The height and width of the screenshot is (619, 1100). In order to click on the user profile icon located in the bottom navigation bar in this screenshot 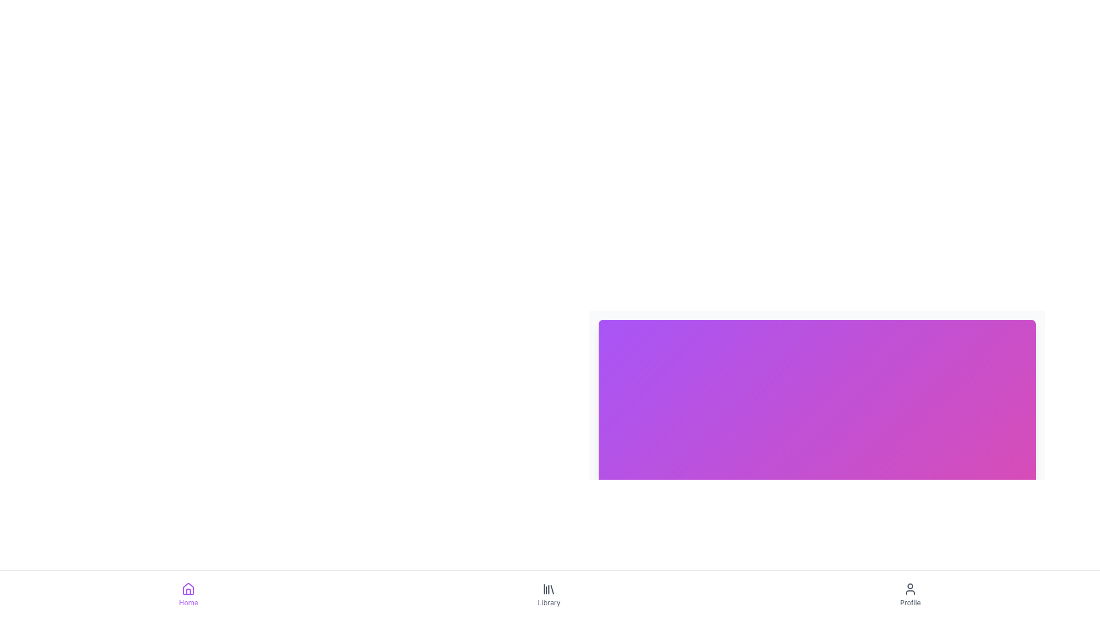, I will do `click(909, 589)`.